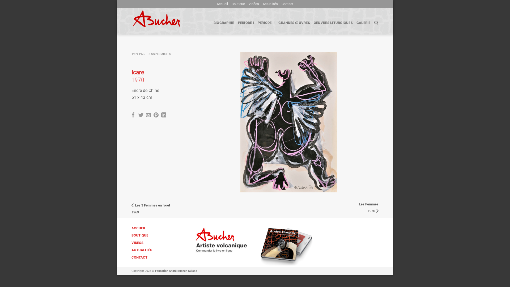  I want to click on 'Share on LinkedIn', so click(163, 115).